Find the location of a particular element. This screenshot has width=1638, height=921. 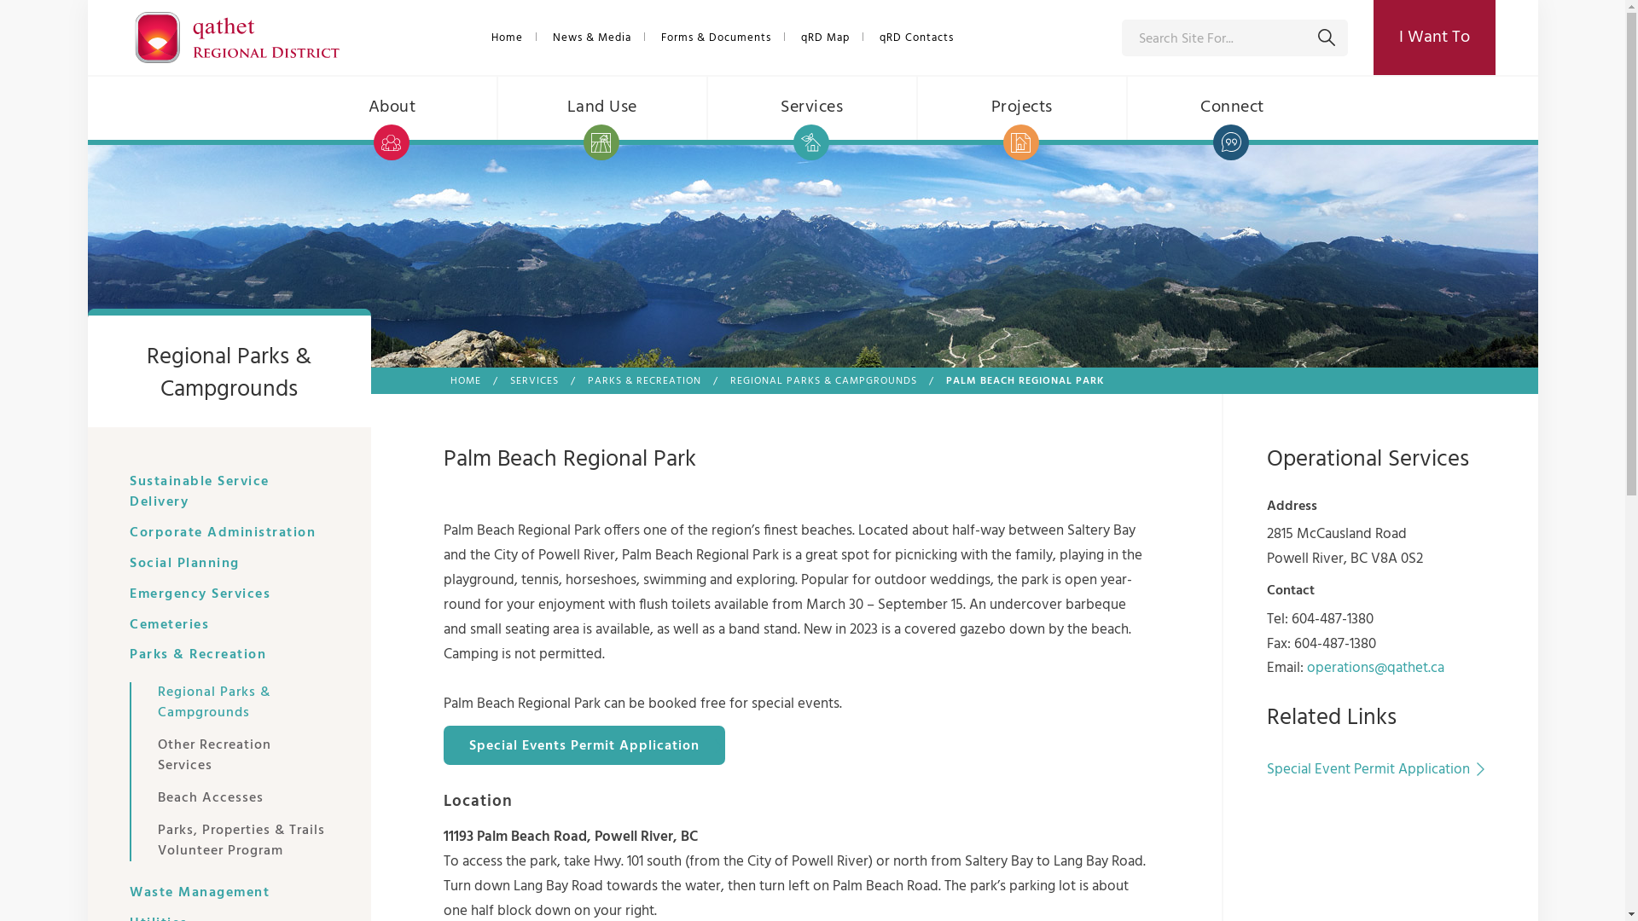

'REGIONAL PARKS & CAMPGROUNDS' is located at coordinates (823, 380).